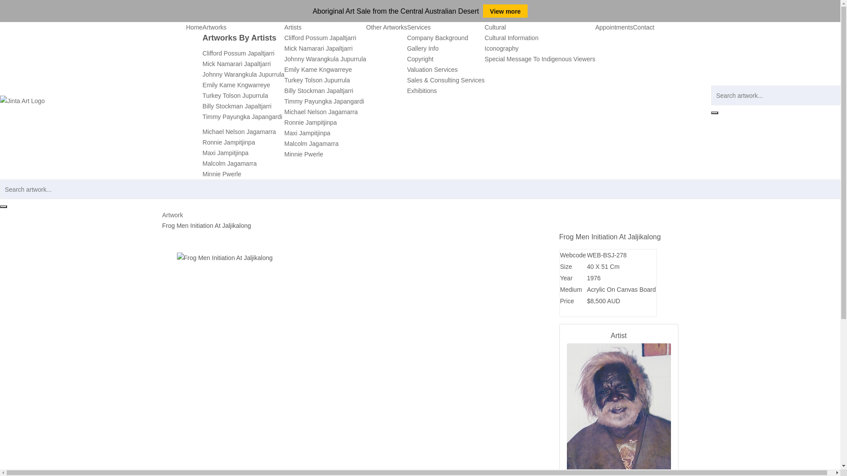 The width and height of the screenshot is (847, 476). Describe the element at coordinates (304, 154) in the screenshot. I see `'Minnie Pwerle'` at that location.